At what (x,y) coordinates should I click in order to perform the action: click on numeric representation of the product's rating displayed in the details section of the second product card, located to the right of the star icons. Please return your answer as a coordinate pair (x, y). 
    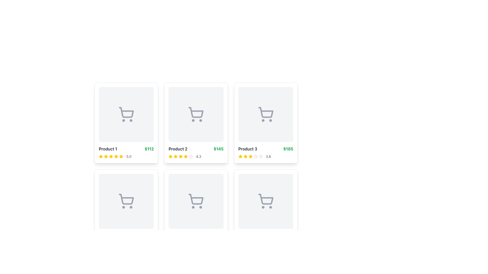
    Looking at the image, I should click on (198, 156).